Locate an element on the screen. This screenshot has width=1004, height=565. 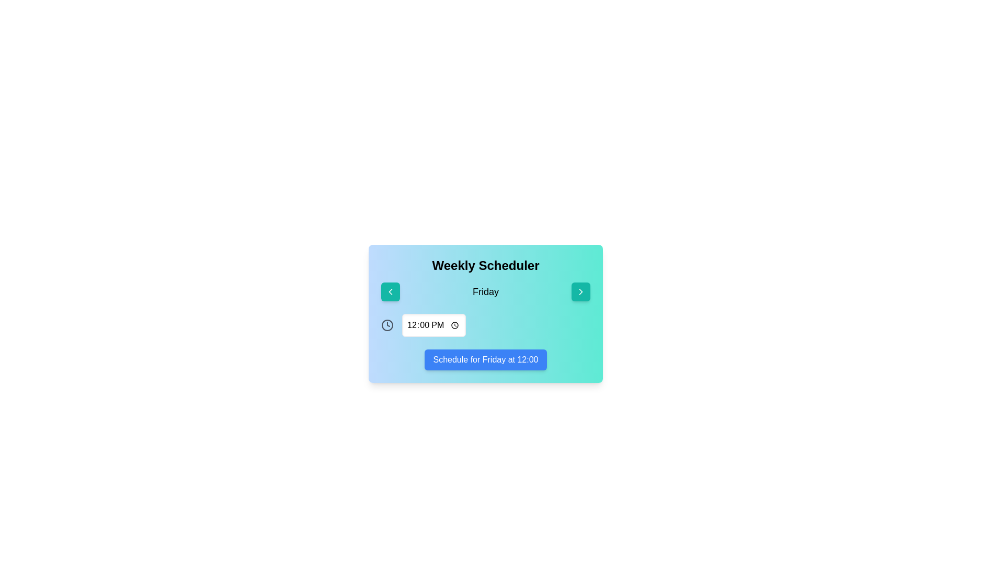
the navigation icon located in the teal-colored square at the top-left of the scheduler card is located at coordinates (390, 292).